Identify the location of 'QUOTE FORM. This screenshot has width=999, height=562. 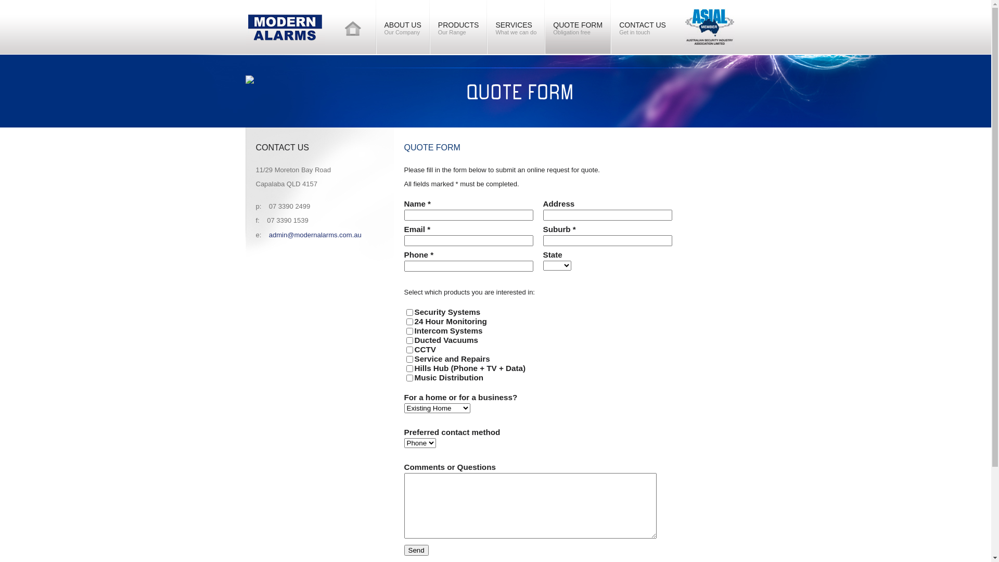
(577, 26).